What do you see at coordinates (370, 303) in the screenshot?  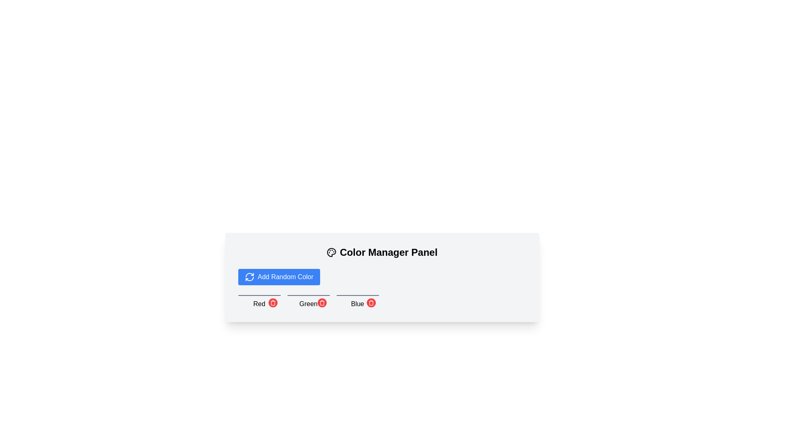 I see `the trash can icon button with a red background located to the right of the text label 'Blue'` at bounding box center [370, 303].